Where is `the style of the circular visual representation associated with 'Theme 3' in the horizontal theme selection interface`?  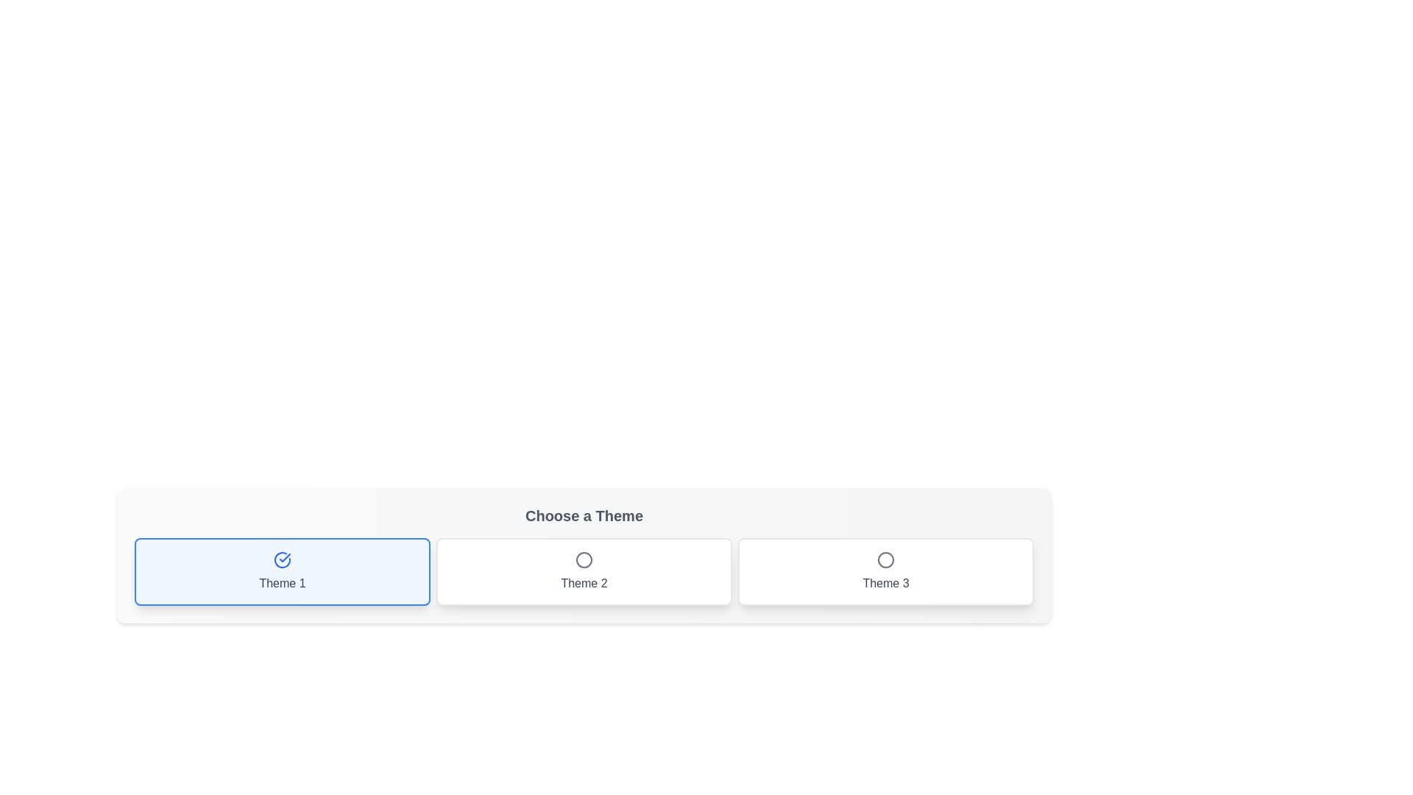 the style of the circular visual representation associated with 'Theme 3' in the horizontal theme selection interface is located at coordinates (885, 559).